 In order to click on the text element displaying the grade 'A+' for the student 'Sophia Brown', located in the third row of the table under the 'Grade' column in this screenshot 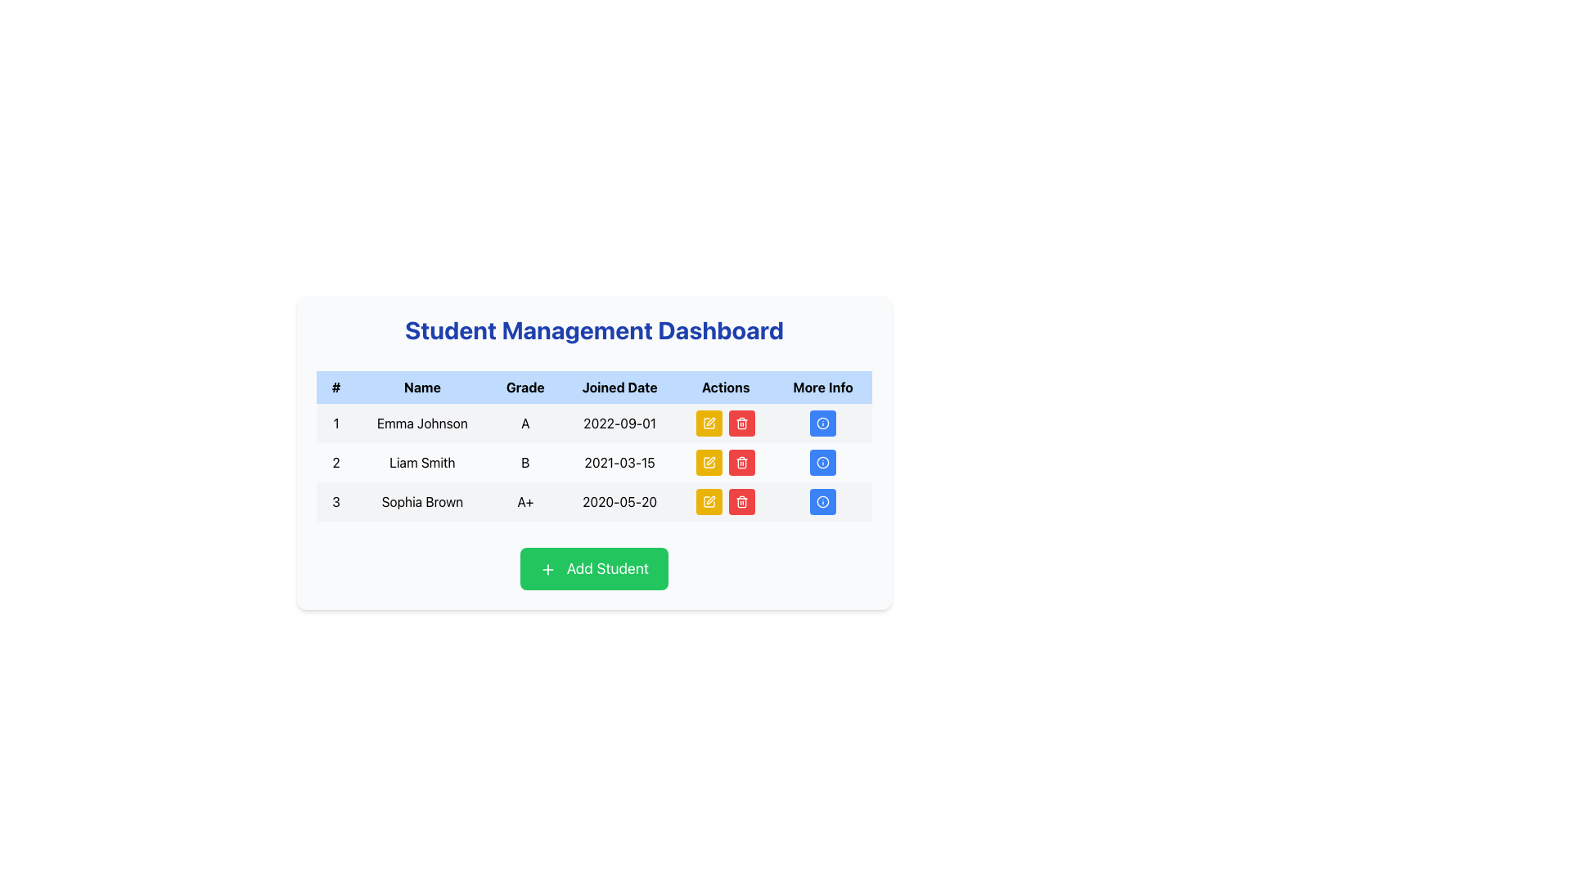, I will do `click(525, 500)`.